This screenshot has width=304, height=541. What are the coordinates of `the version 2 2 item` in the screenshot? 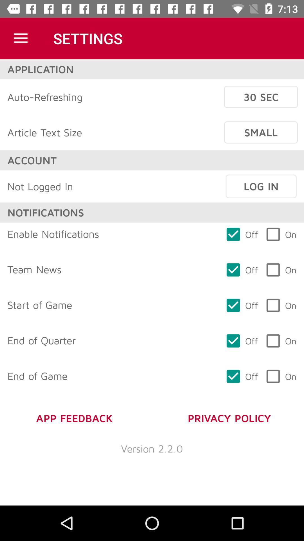 It's located at (152, 448).